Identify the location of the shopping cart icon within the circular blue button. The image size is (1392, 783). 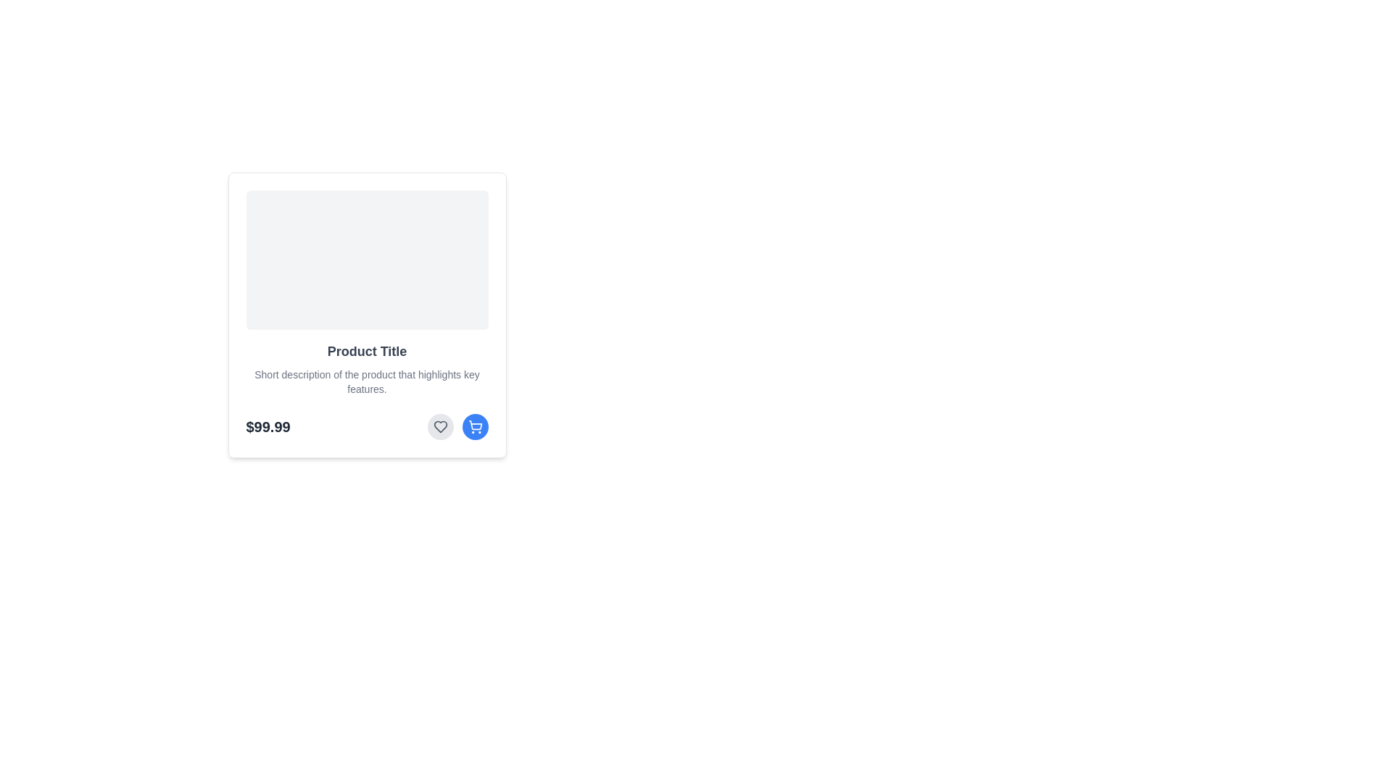
(475, 426).